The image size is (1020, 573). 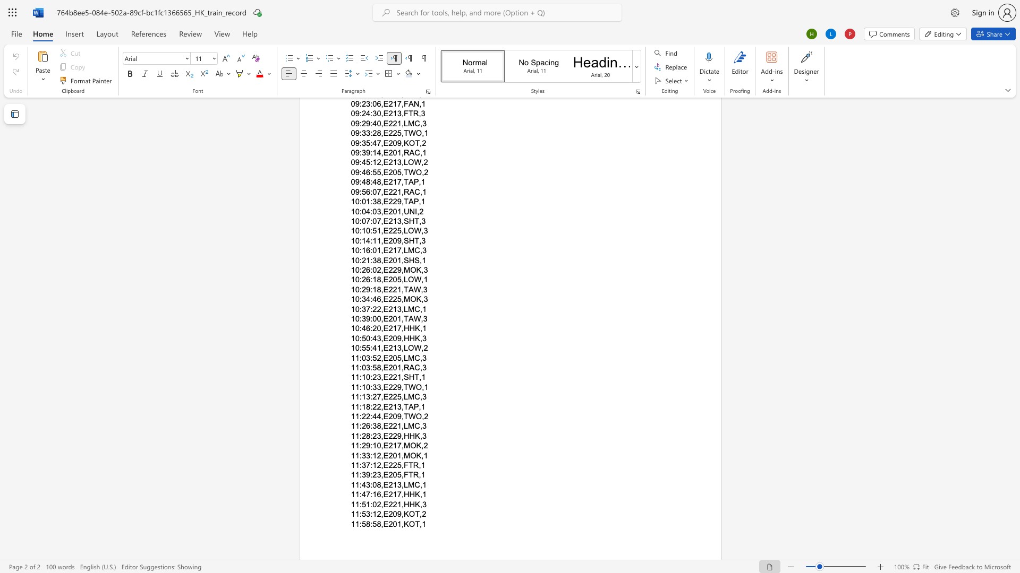 I want to click on the subset text "E217," within the text "11:47:16,E217,HHK,1", so click(x=382, y=494).